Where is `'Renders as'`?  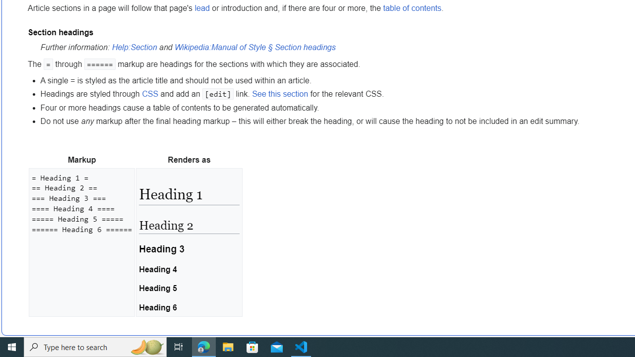
'Renders as' is located at coordinates (189, 159).